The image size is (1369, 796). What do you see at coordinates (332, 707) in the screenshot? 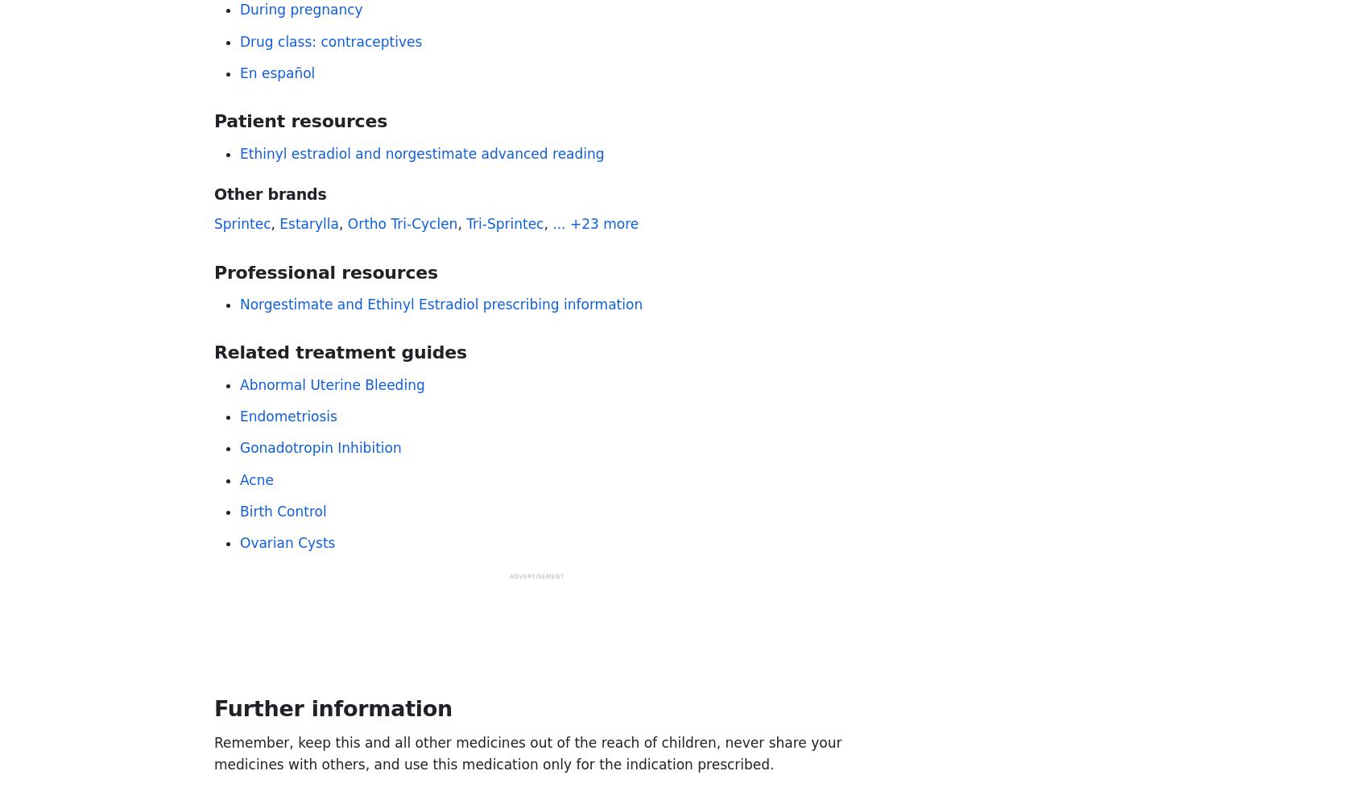
I see `'Further information'` at bounding box center [332, 707].